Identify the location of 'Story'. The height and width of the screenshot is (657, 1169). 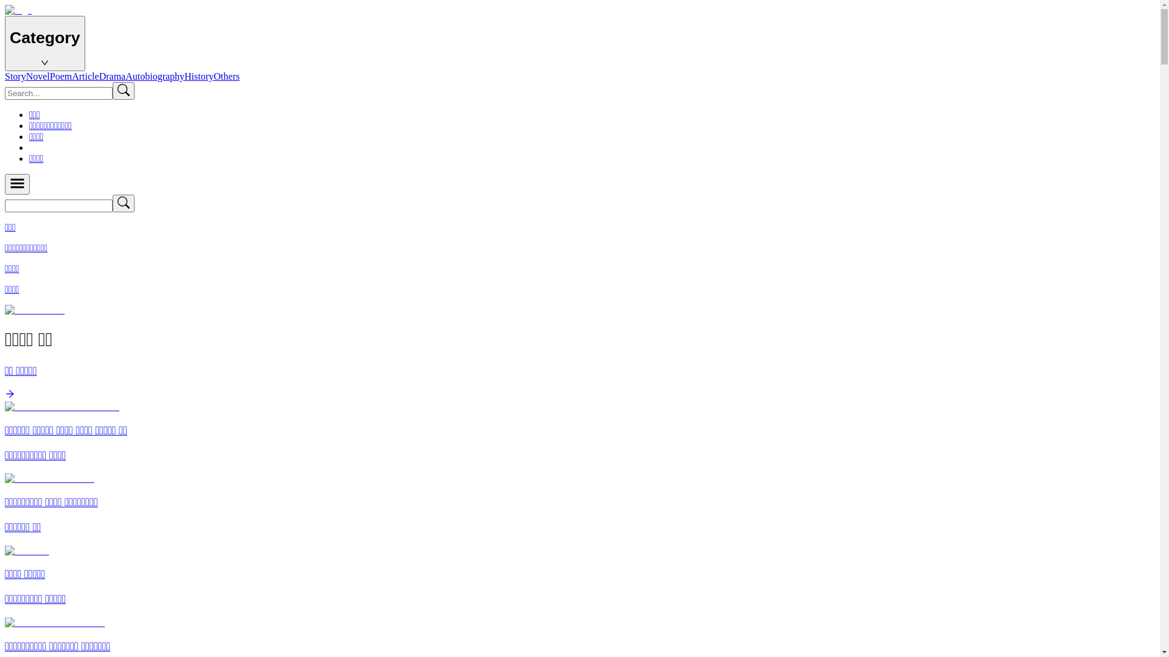
(15, 76).